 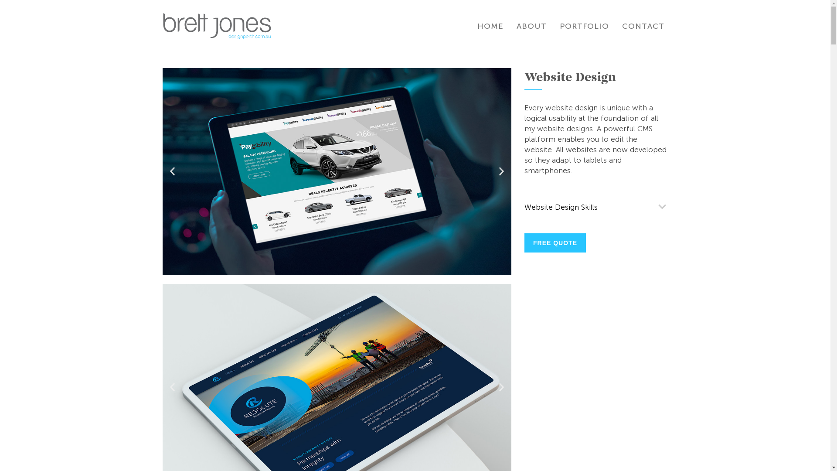 I want to click on 'HOME', so click(x=490, y=26).